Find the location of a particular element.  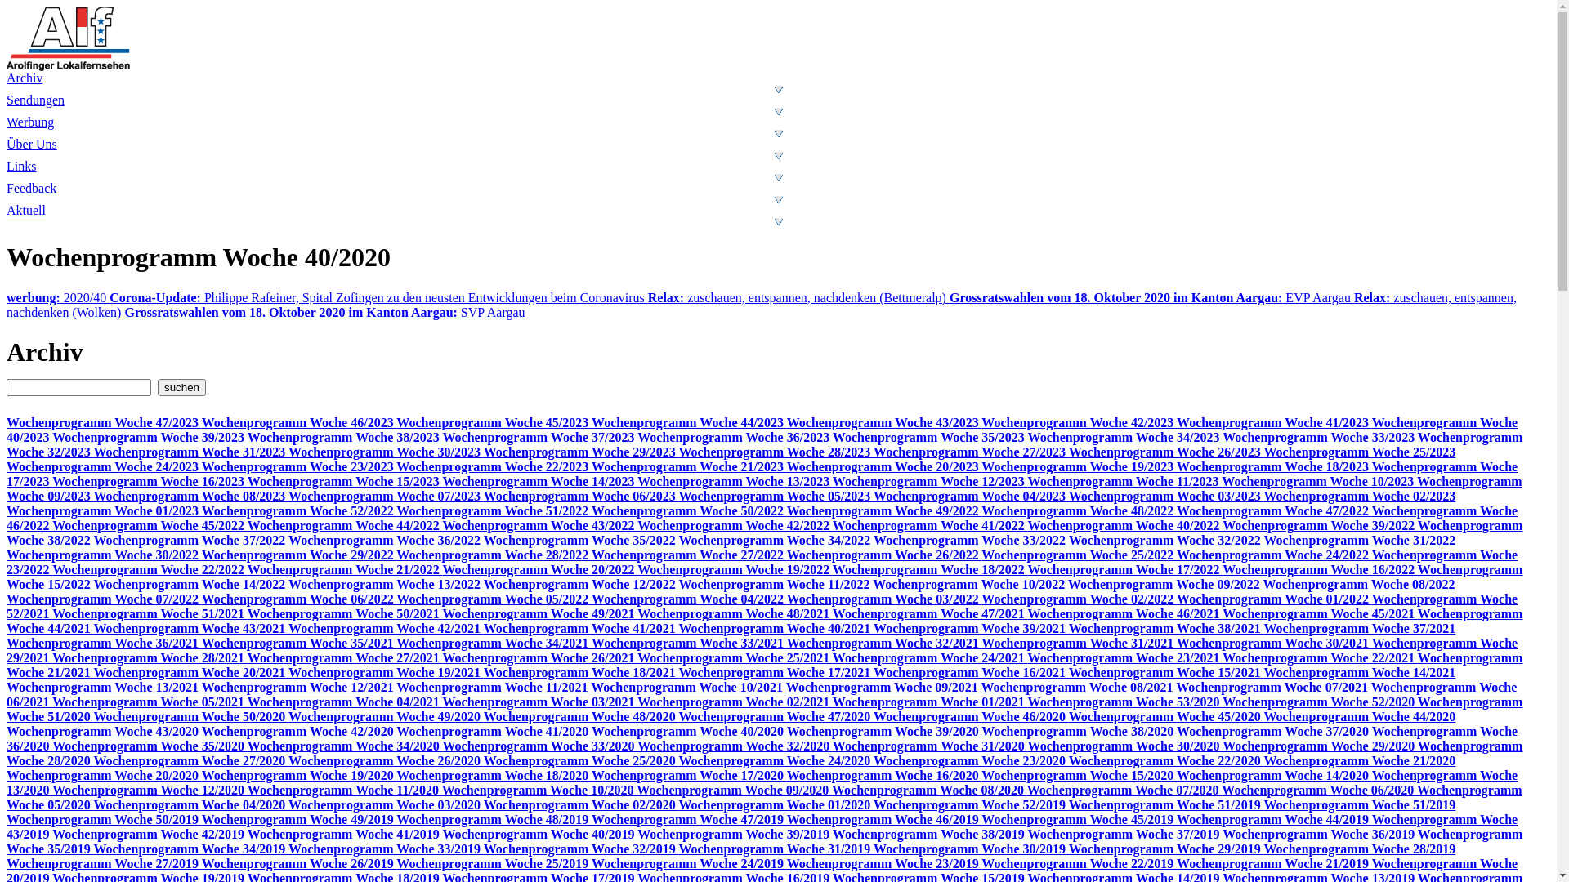

'Wochenprogramm Woche 18/2021' is located at coordinates (581, 672).